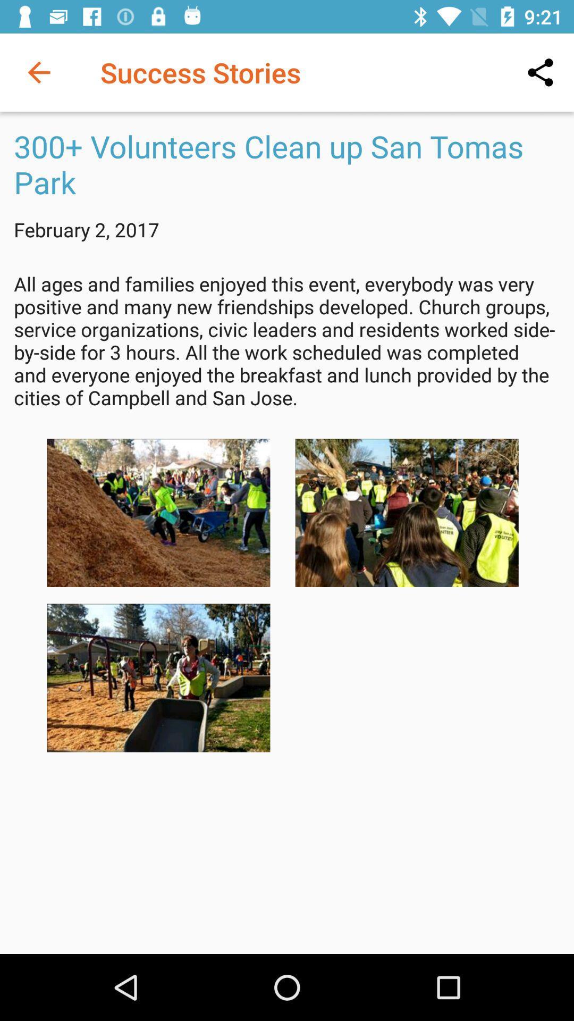 This screenshot has width=574, height=1021. Describe the element at coordinates (38, 72) in the screenshot. I see `item above 300 volunteers clean item` at that location.